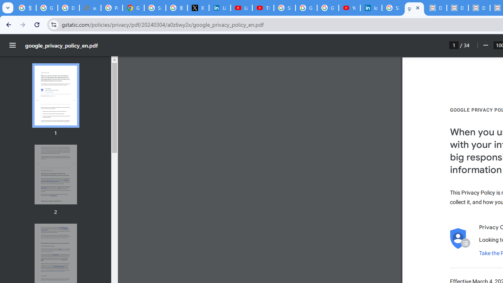 This screenshot has height=283, width=503. I want to click on 'X', so click(198, 8).